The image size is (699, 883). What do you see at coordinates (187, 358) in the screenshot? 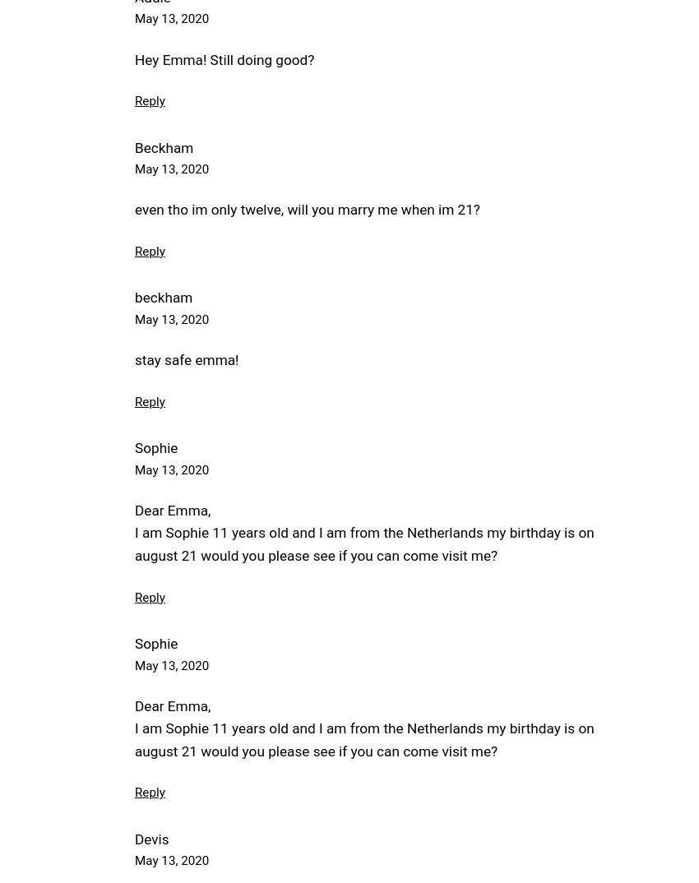
I see `'stay safe emma!'` at bounding box center [187, 358].